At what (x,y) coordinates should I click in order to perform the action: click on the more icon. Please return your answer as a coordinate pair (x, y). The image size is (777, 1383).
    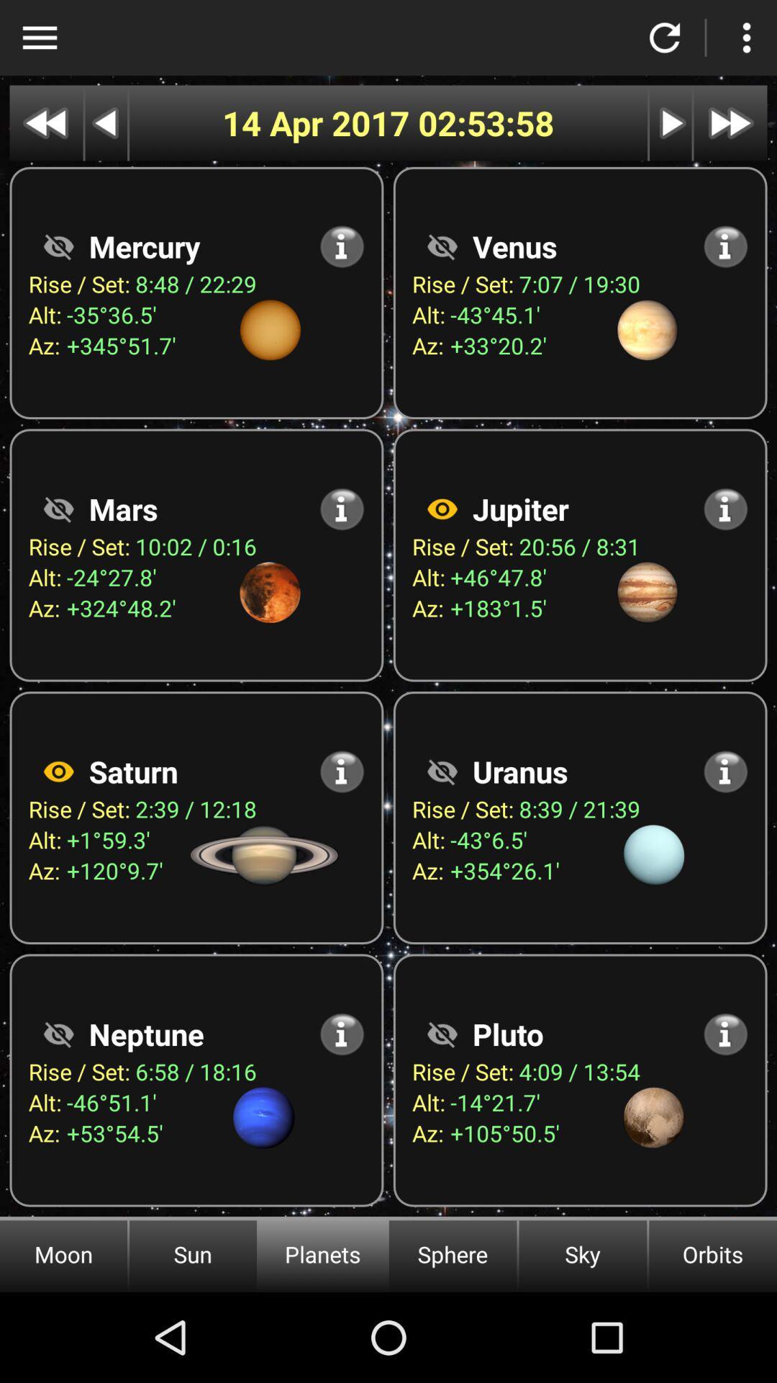
    Looking at the image, I should click on (745, 37).